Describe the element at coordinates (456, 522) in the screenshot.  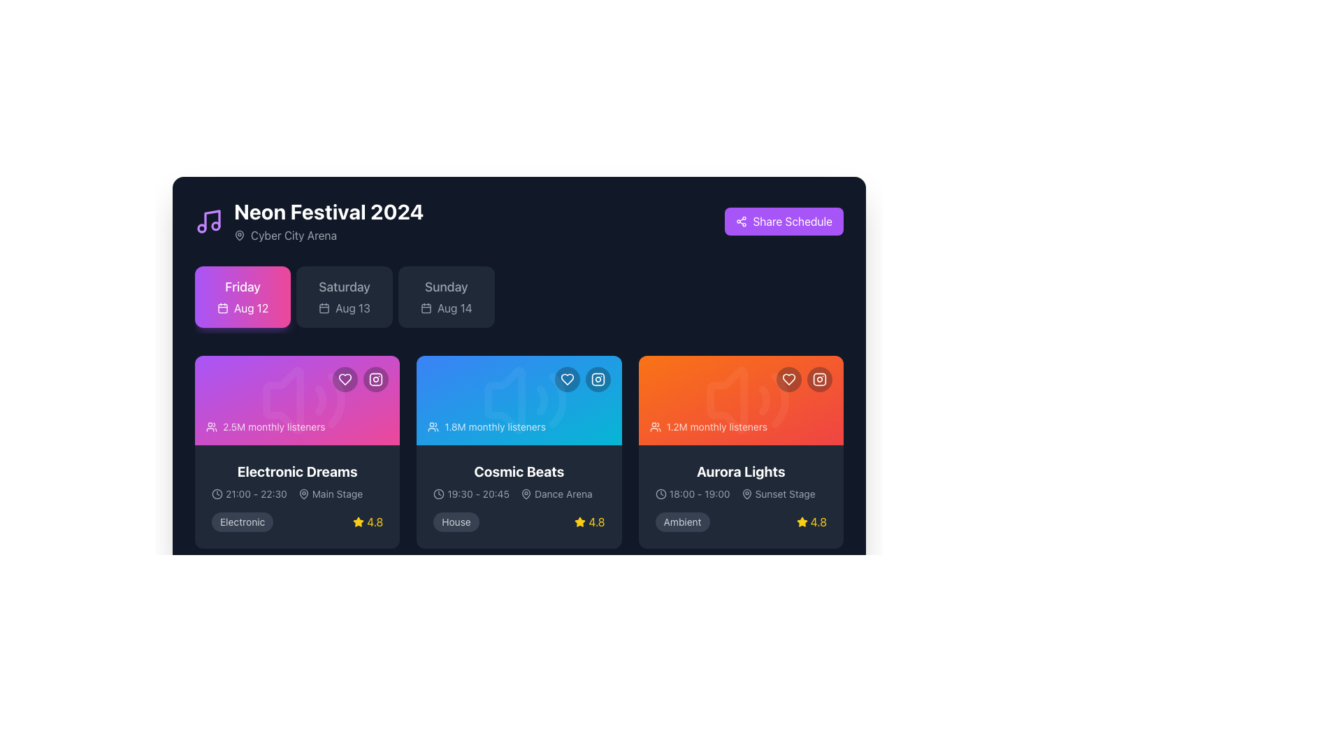
I see `the 'House' label, which is a rounded rectangular element with a gray background and light gray text, located in the 'Cosmic Beats' section of the UI card` at that location.